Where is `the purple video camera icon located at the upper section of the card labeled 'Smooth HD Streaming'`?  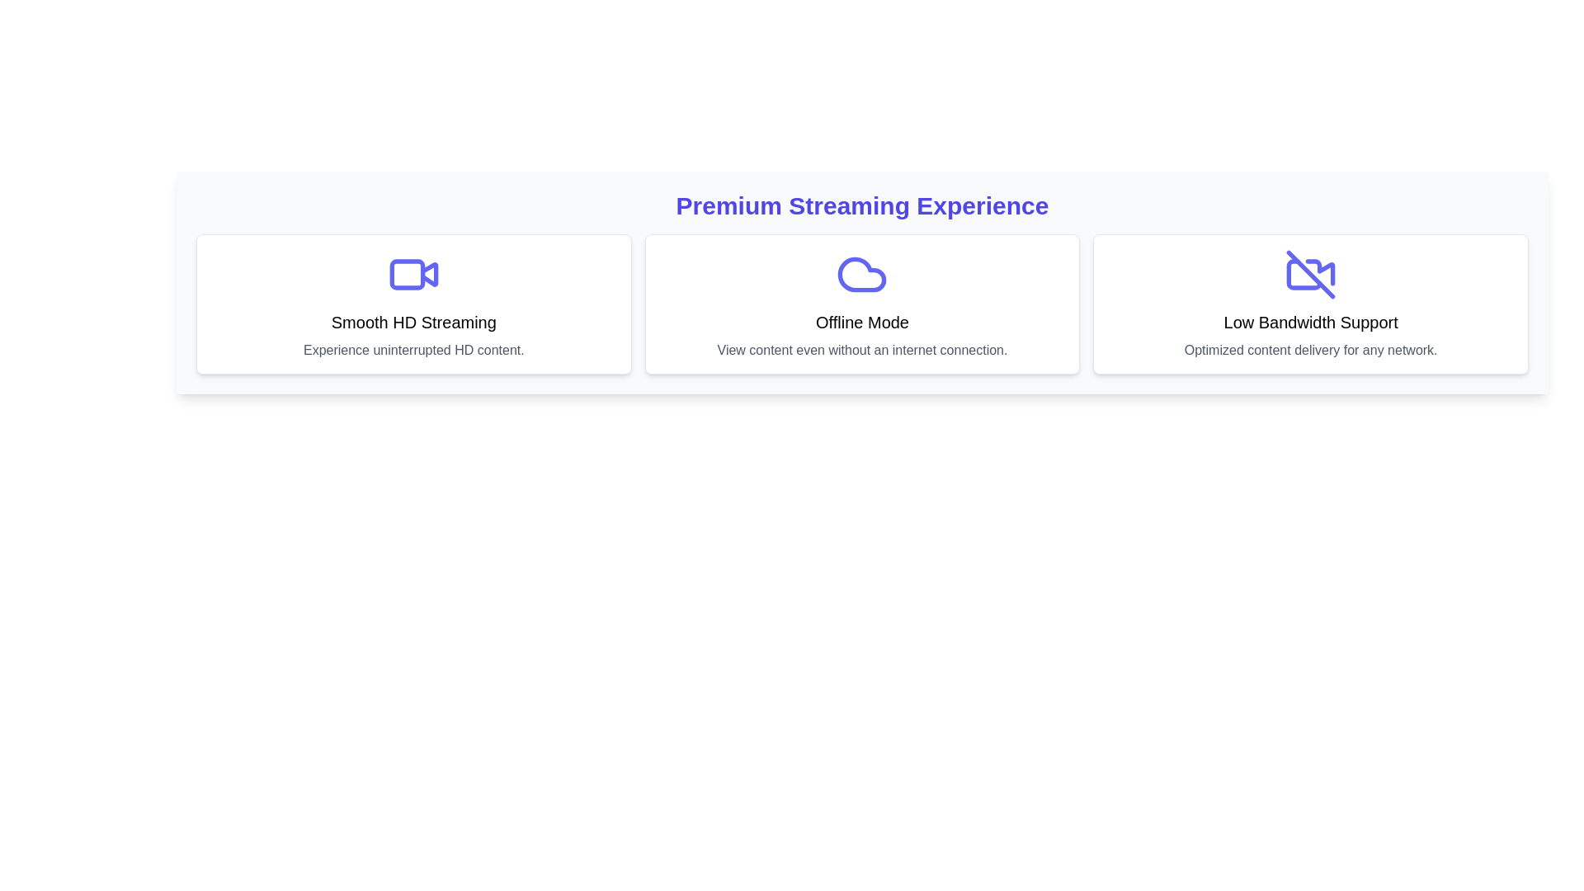
the purple video camera icon located at the upper section of the card labeled 'Smooth HD Streaming' is located at coordinates (413, 273).